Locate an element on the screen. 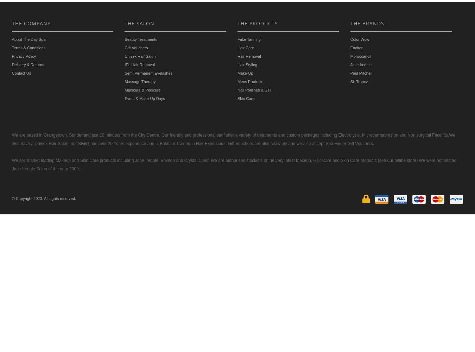 The height and width of the screenshot is (352, 475). 'Semi Permanent Eyelashes' is located at coordinates (124, 73).